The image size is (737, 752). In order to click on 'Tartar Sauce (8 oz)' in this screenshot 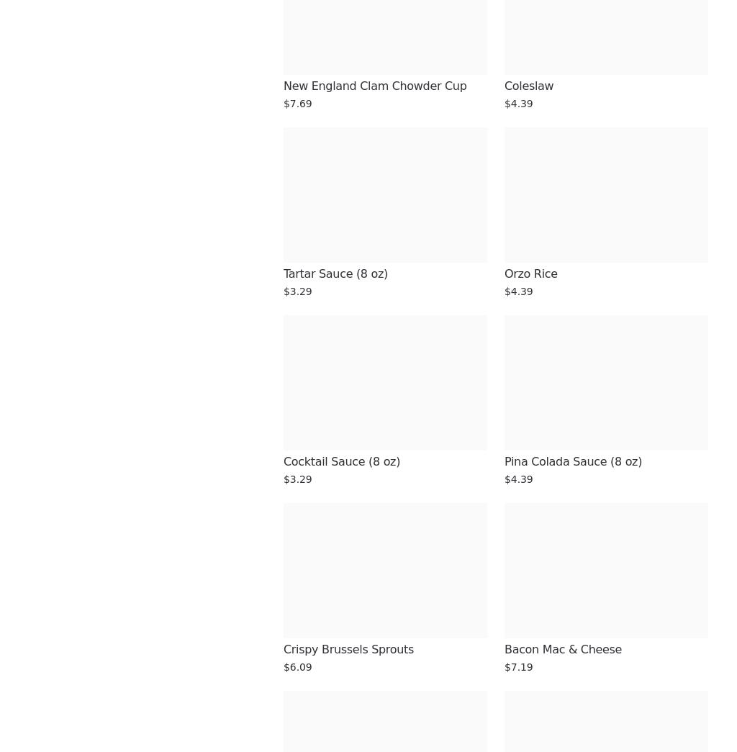, I will do `click(335, 273)`.